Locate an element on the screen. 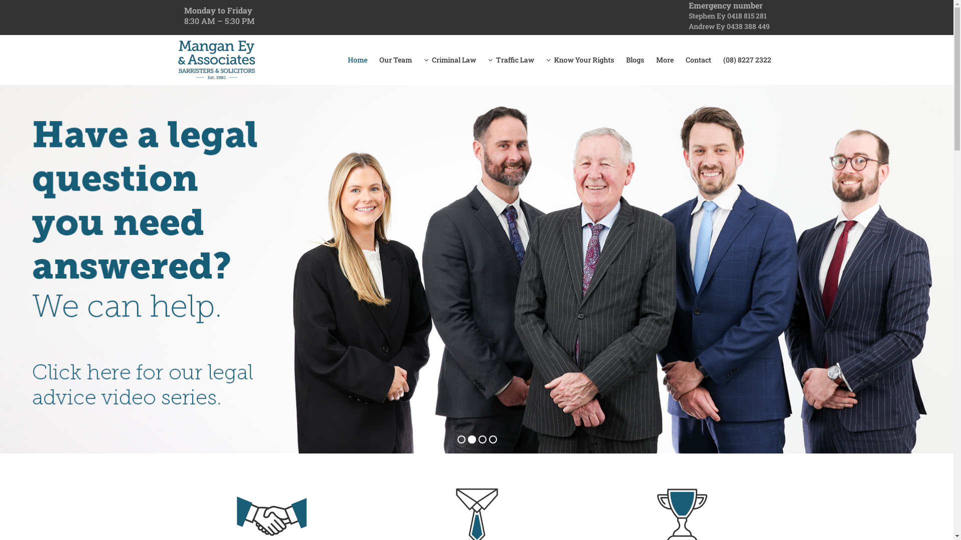 This screenshot has width=961, height=540. '0418 815 281' is located at coordinates (746, 15).